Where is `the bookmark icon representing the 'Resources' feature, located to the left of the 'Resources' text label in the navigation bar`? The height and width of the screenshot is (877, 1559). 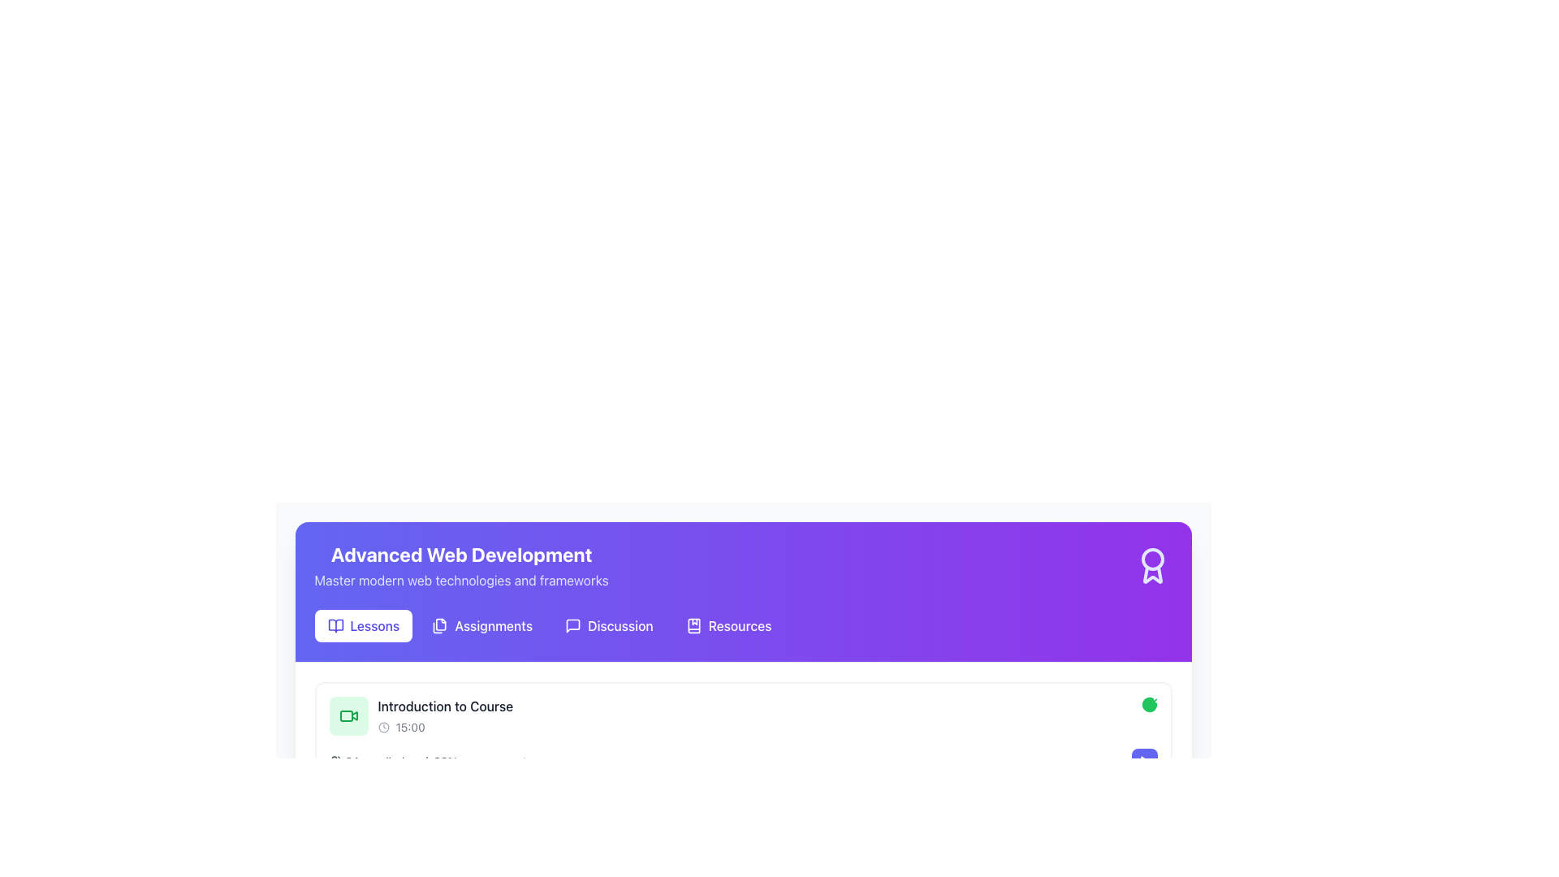 the bookmark icon representing the 'Resources' feature, located to the left of the 'Resources' text label in the navigation bar is located at coordinates (693, 625).